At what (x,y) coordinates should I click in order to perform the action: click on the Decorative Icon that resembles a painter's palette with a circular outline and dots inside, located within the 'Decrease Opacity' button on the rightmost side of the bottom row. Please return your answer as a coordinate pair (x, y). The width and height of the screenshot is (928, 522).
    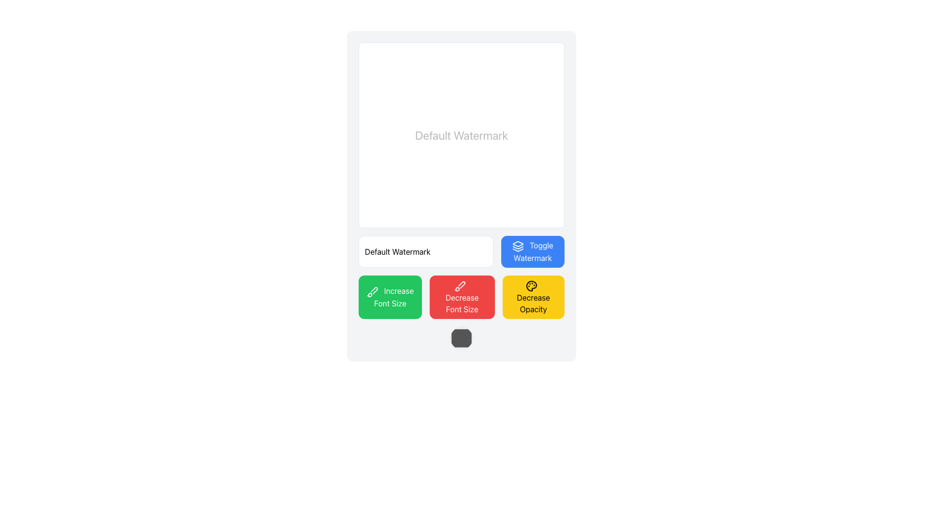
    Looking at the image, I should click on (531, 285).